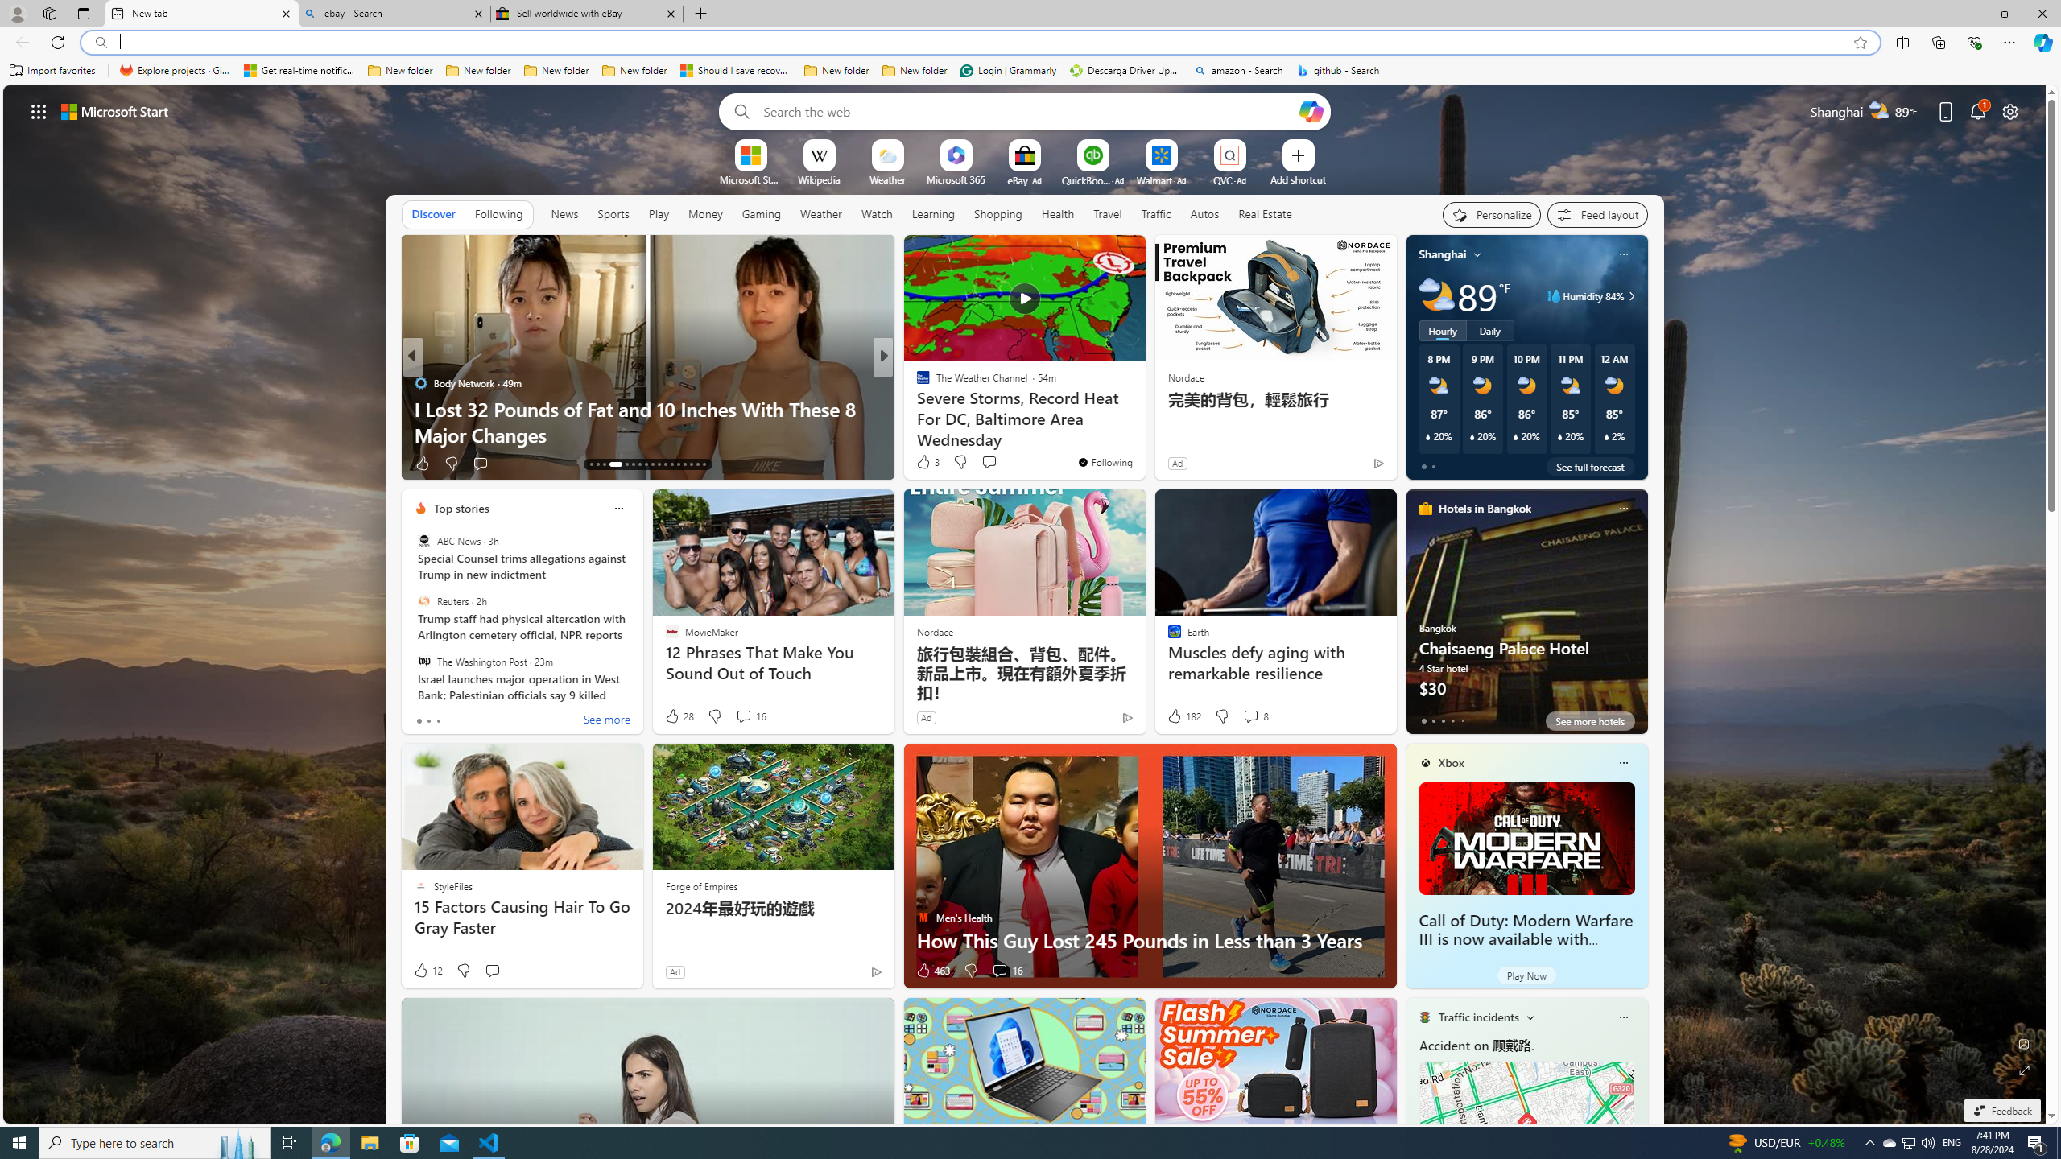 This screenshot has width=2061, height=1159. Describe the element at coordinates (915, 407) in the screenshot. I see `'TheStreet'` at that location.